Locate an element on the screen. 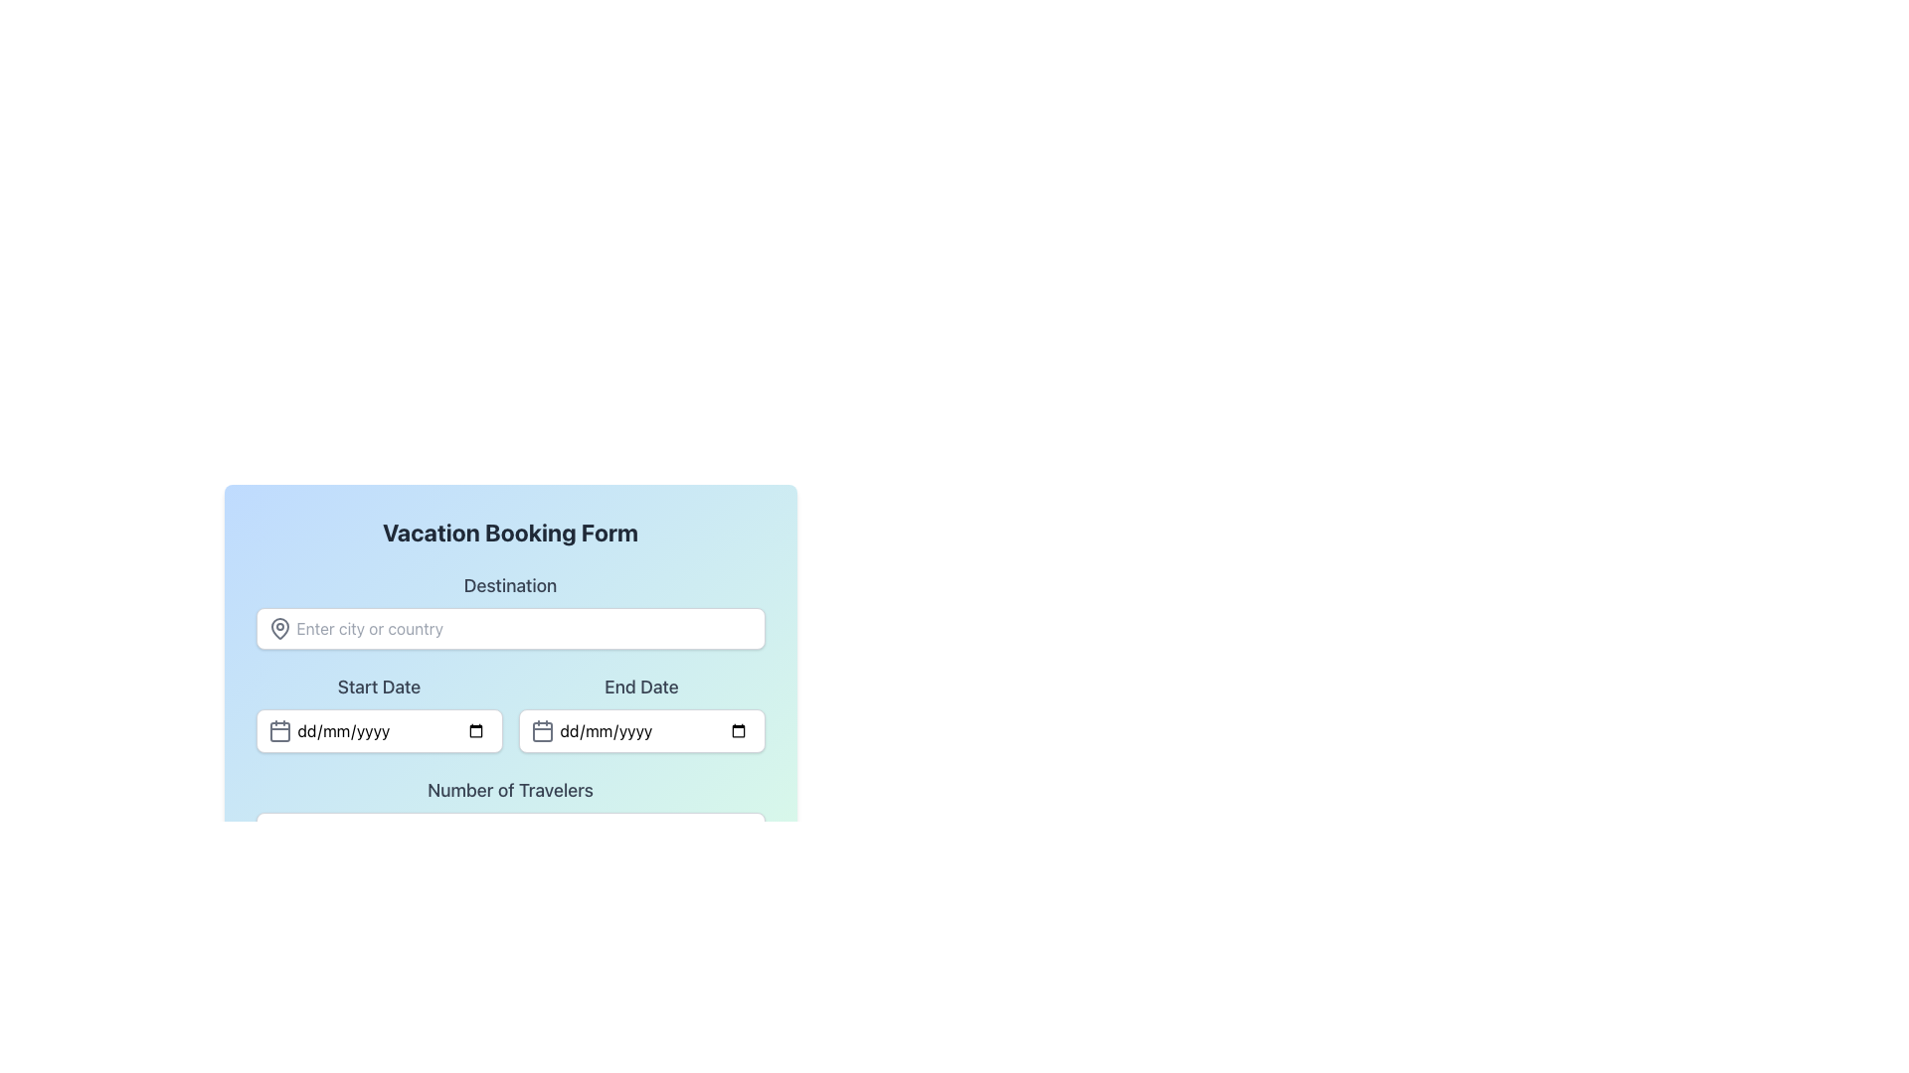 The image size is (1909, 1073). the calendar icon located to the left of the 'Start Date' input field in the Date input form group is located at coordinates (510, 711).